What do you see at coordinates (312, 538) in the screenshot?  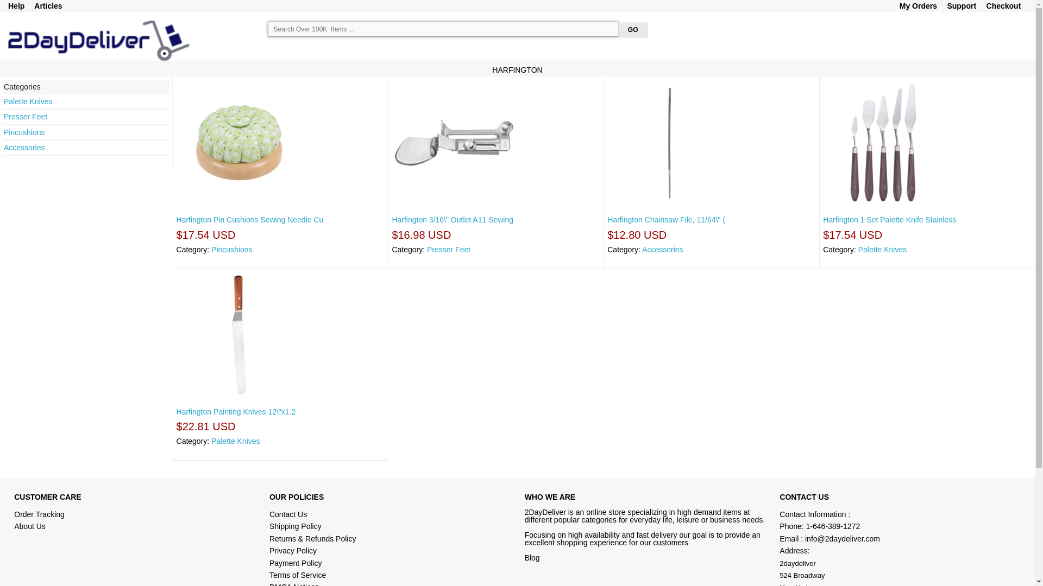 I see `'Returns & Refunds Policy'` at bounding box center [312, 538].